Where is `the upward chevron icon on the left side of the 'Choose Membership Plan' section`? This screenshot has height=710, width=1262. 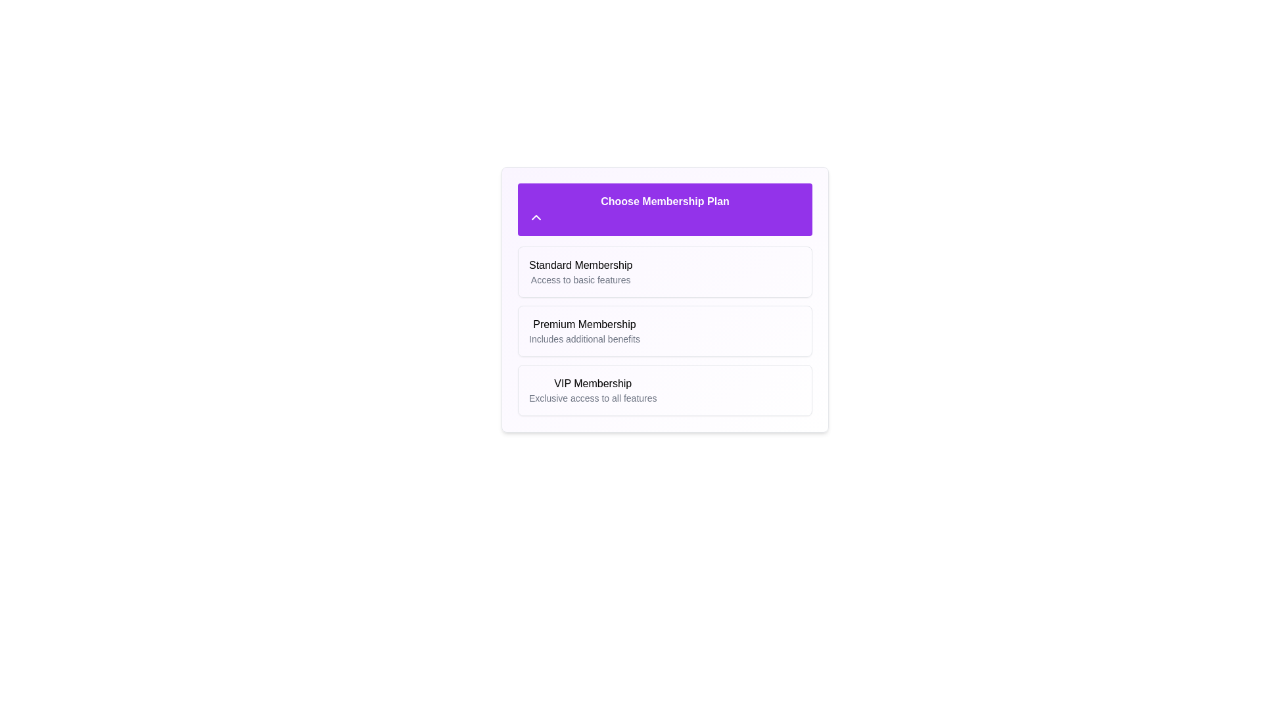 the upward chevron icon on the left side of the 'Choose Membership Plan' section is located at coordinates (536, 217).